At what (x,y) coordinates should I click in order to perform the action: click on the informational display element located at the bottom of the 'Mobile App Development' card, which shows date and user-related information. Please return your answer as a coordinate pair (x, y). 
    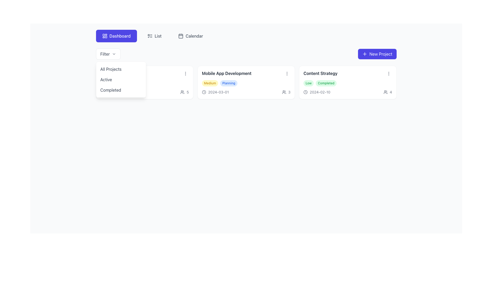
    Looking at the image, I should click on (246, 92).